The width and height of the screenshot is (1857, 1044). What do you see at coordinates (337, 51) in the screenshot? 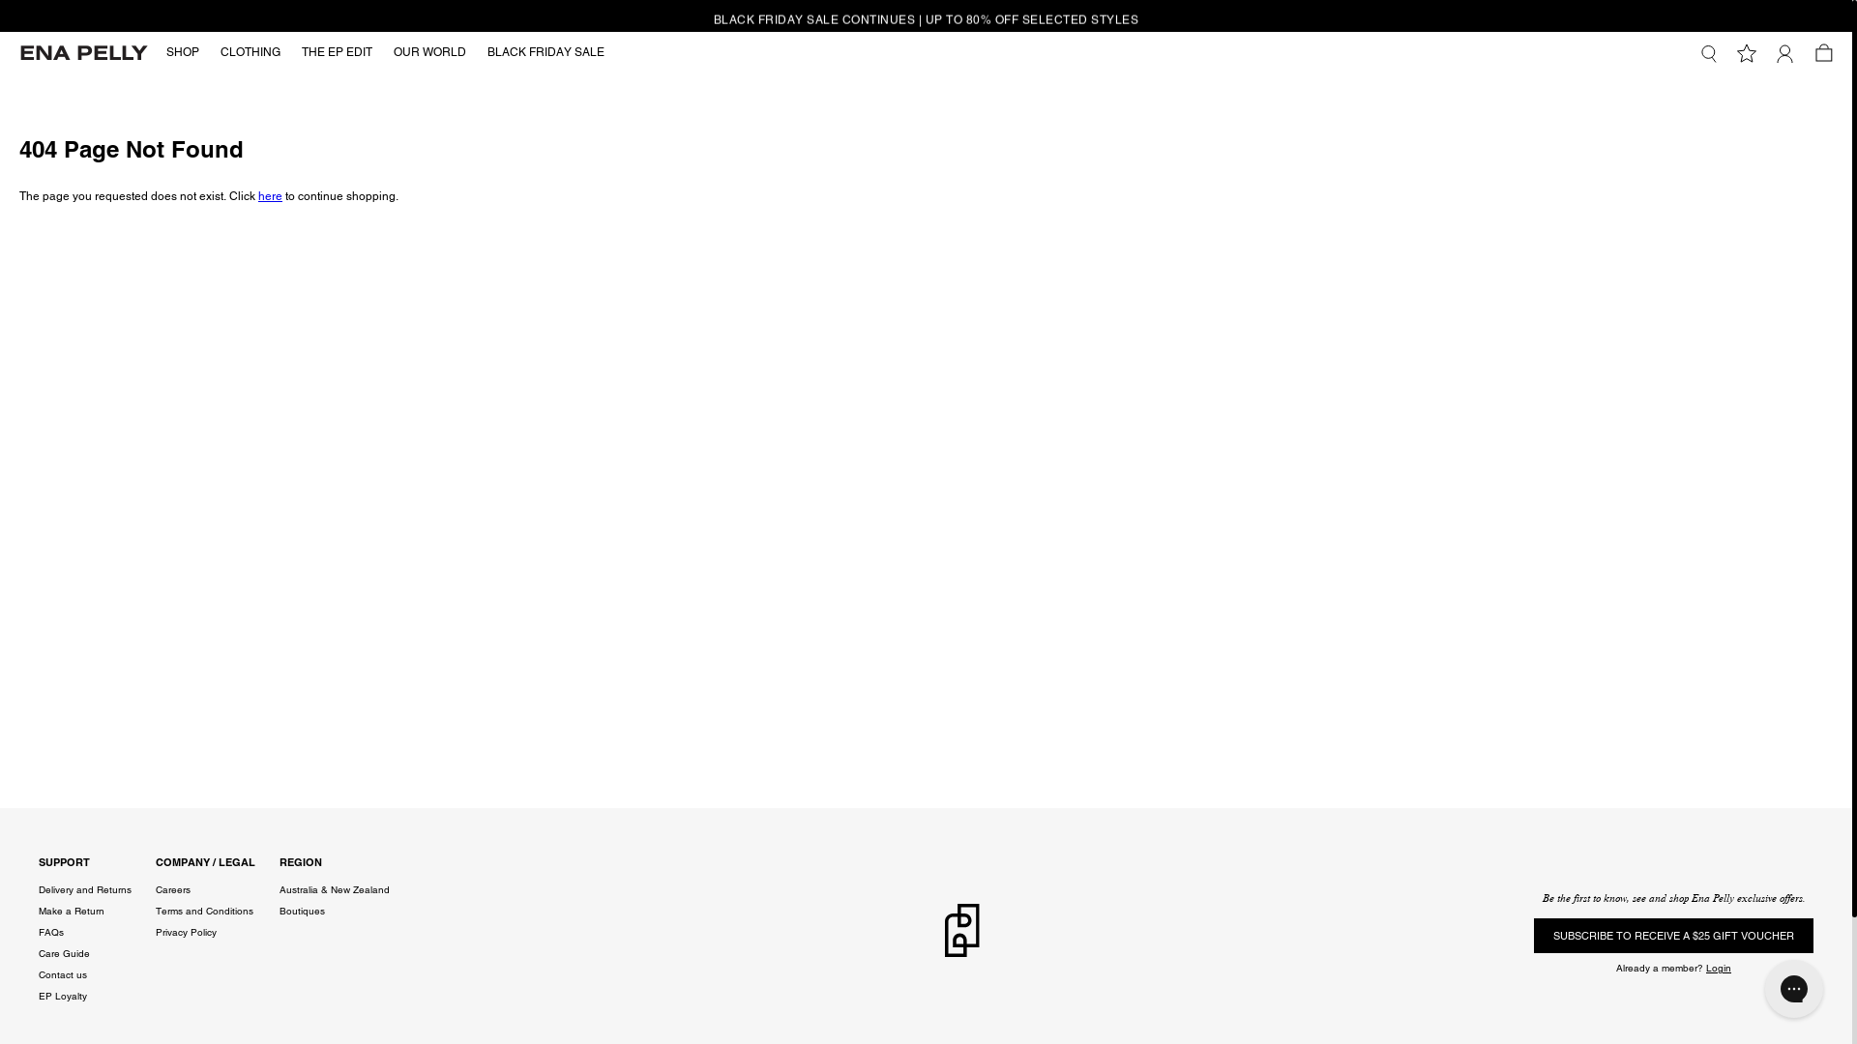
I see `'THE EP EDIT'` at bounding box center [337, 51].